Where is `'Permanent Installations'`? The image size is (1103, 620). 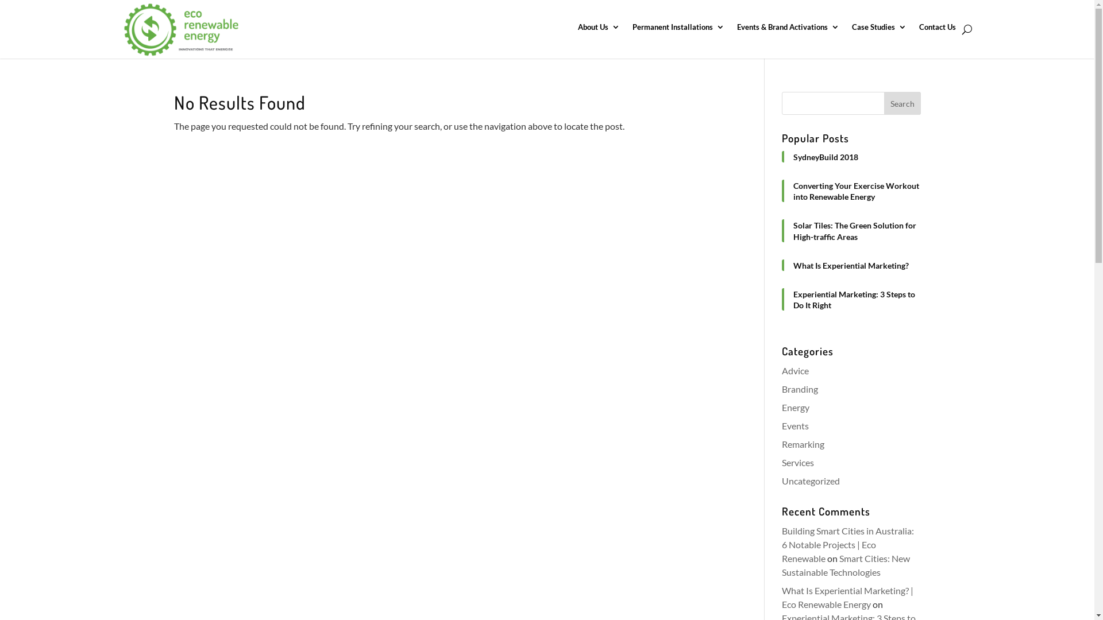 'Permanent Installations' is located at coordinates (678, 28).